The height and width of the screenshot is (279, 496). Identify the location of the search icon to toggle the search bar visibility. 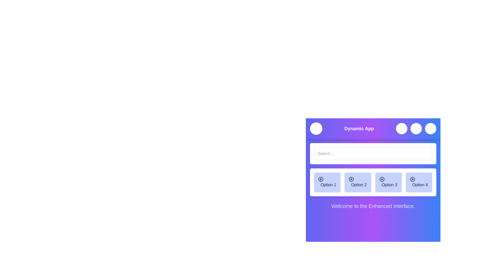
(401, 128).